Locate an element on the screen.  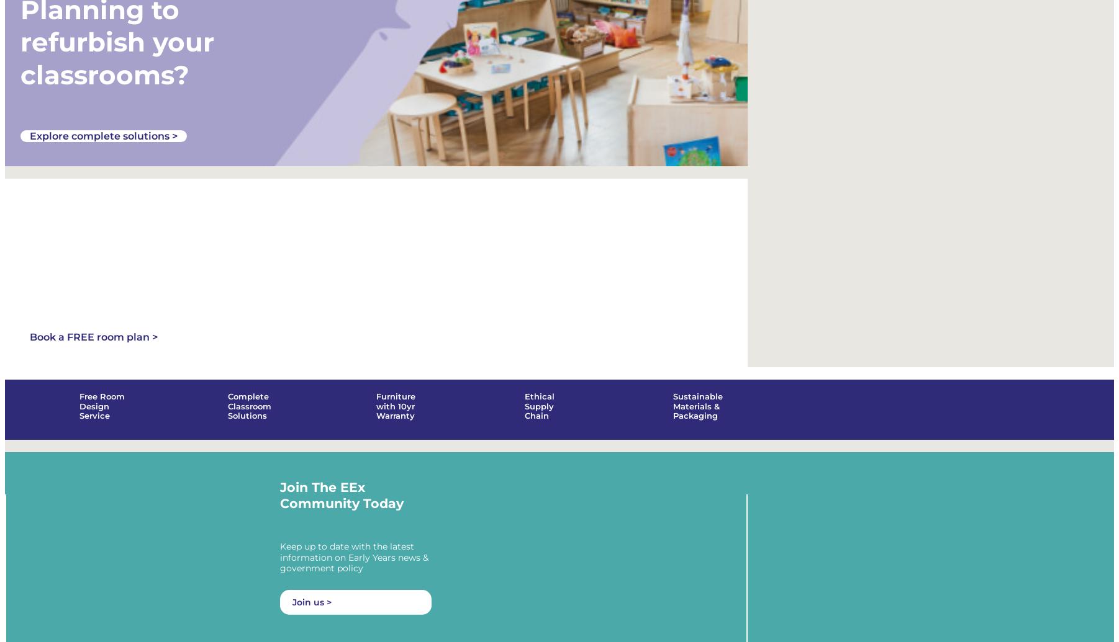
'Need help to' is located at coordinates (19, 210).